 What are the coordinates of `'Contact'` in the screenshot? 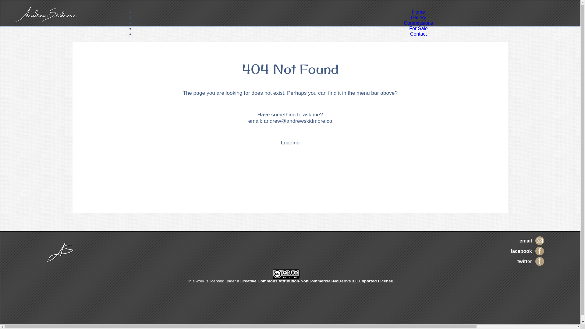 It's located at (418, 34).